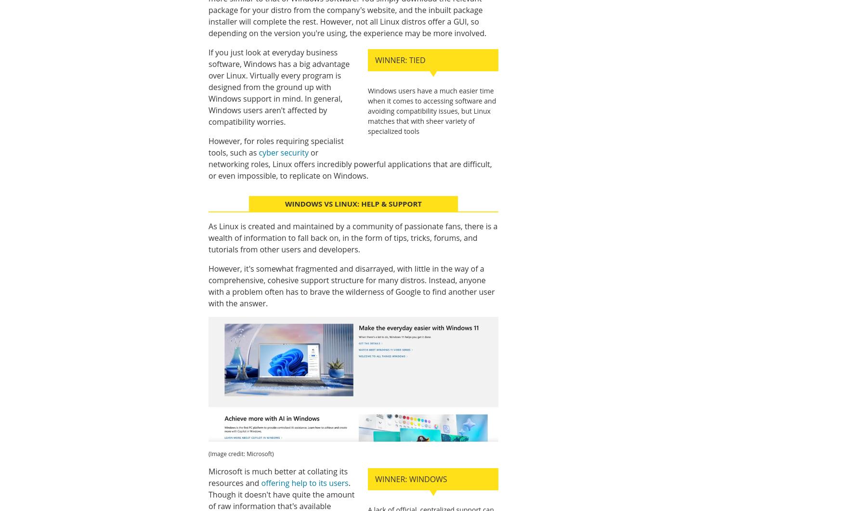  I want to click on 'Winner: Windows', so click(410, 478).